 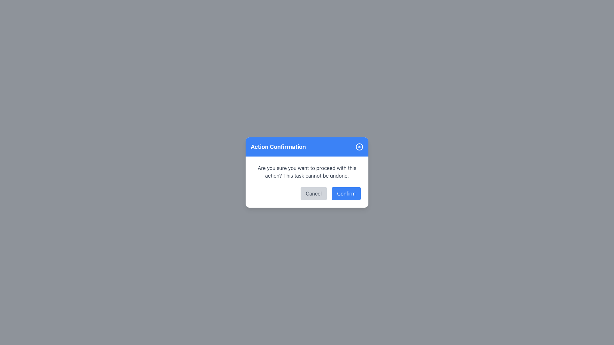 I want to click on confirmation message that states 'Are you sure you want to proceed with this action? This task cannot be undone.' located centrally in the dialog box below the title 'Action Confirmation', so click(x=307, y=171).